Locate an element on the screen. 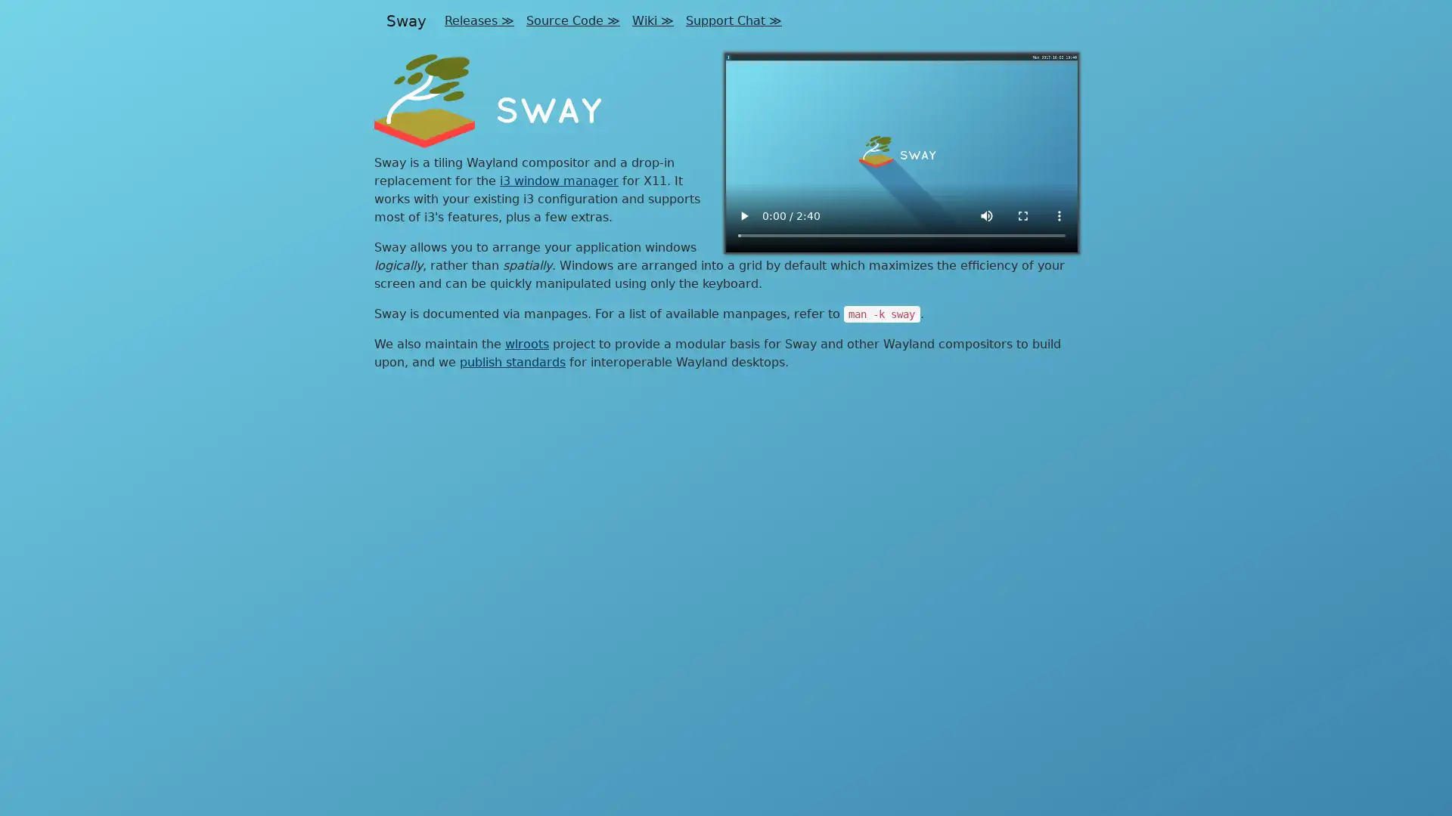 The width and height of the screenshot is (1452, 816). mute is located at coordinates (987, 215).